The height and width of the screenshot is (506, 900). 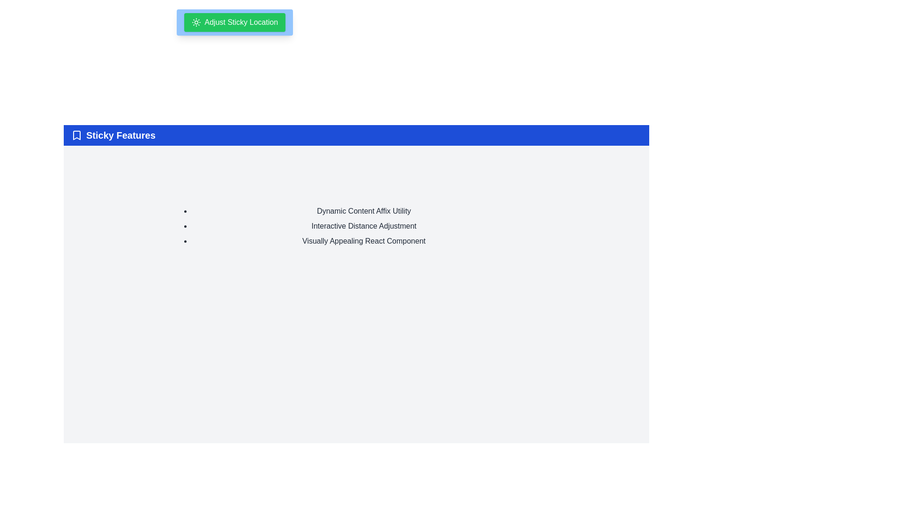 I want to click on the interactive button that adjusts the location of sticky elements on the page, which is located near the top center of the interface above the 'Sticky Features' section, so click(x=234, y=22).